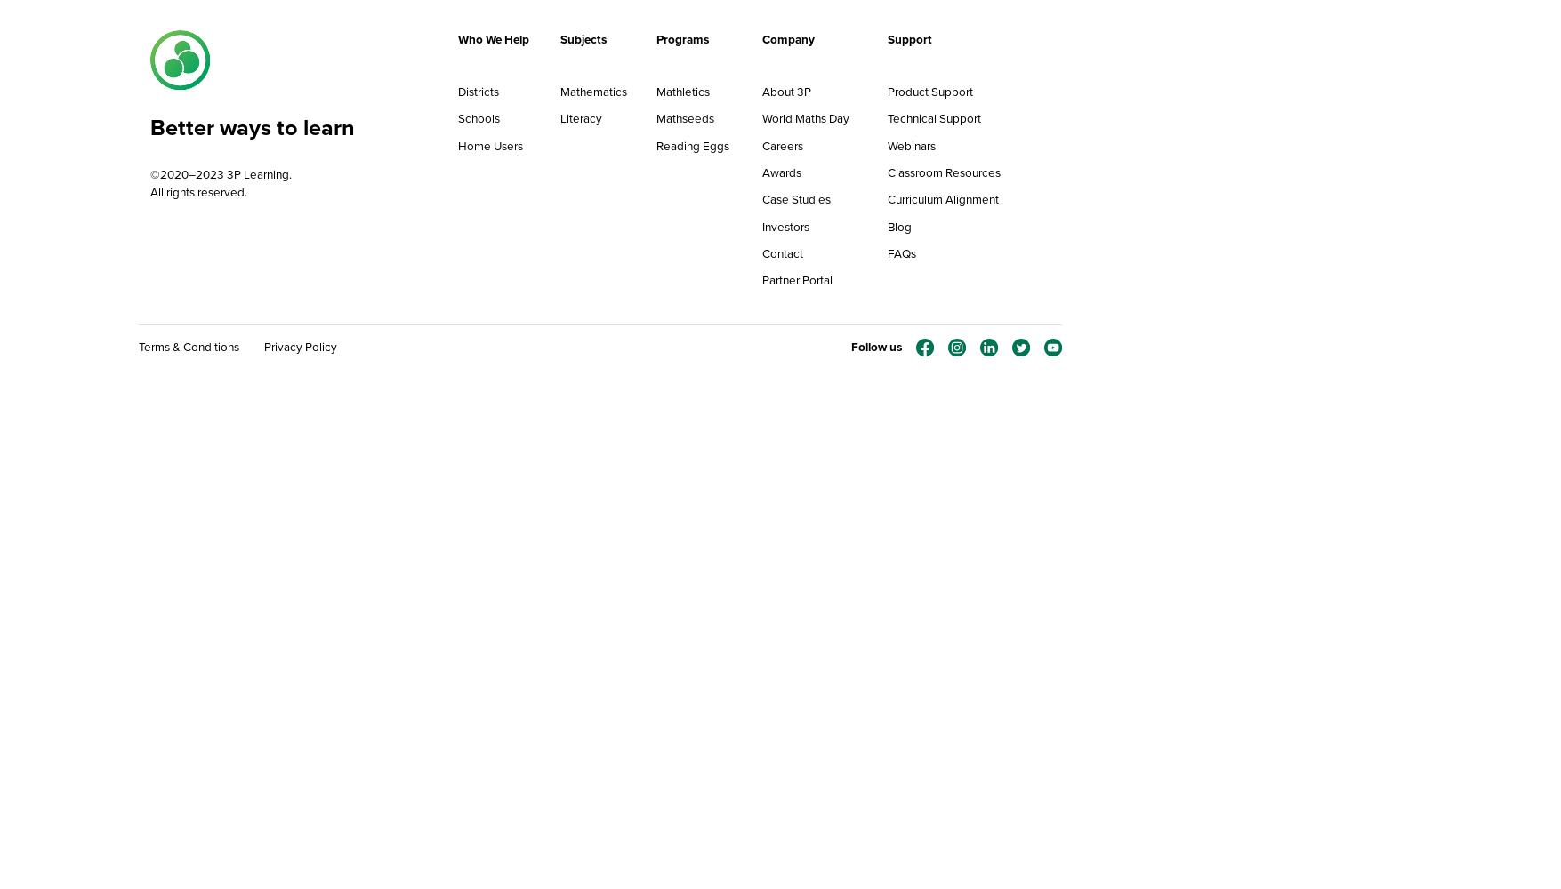 This screenshot has width=1561, height=889. What do you see at coordinates (477, 118) in the screenshot?
I see `'Schools'` at bounding box center [477, 118].